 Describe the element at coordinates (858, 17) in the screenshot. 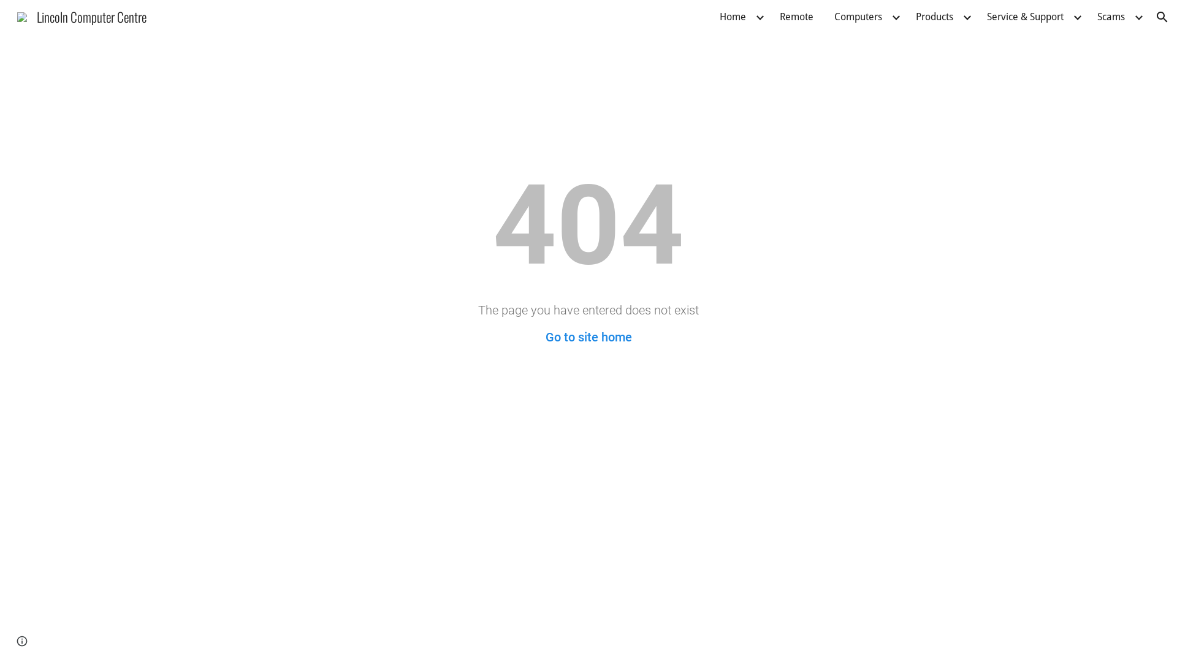

I see `'Computers'` at that location.